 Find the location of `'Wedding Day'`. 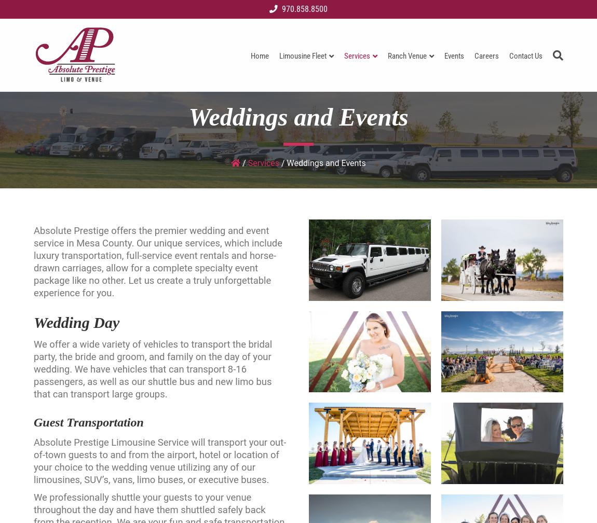

'Wedding Day' is located at coordinates (76, 322).